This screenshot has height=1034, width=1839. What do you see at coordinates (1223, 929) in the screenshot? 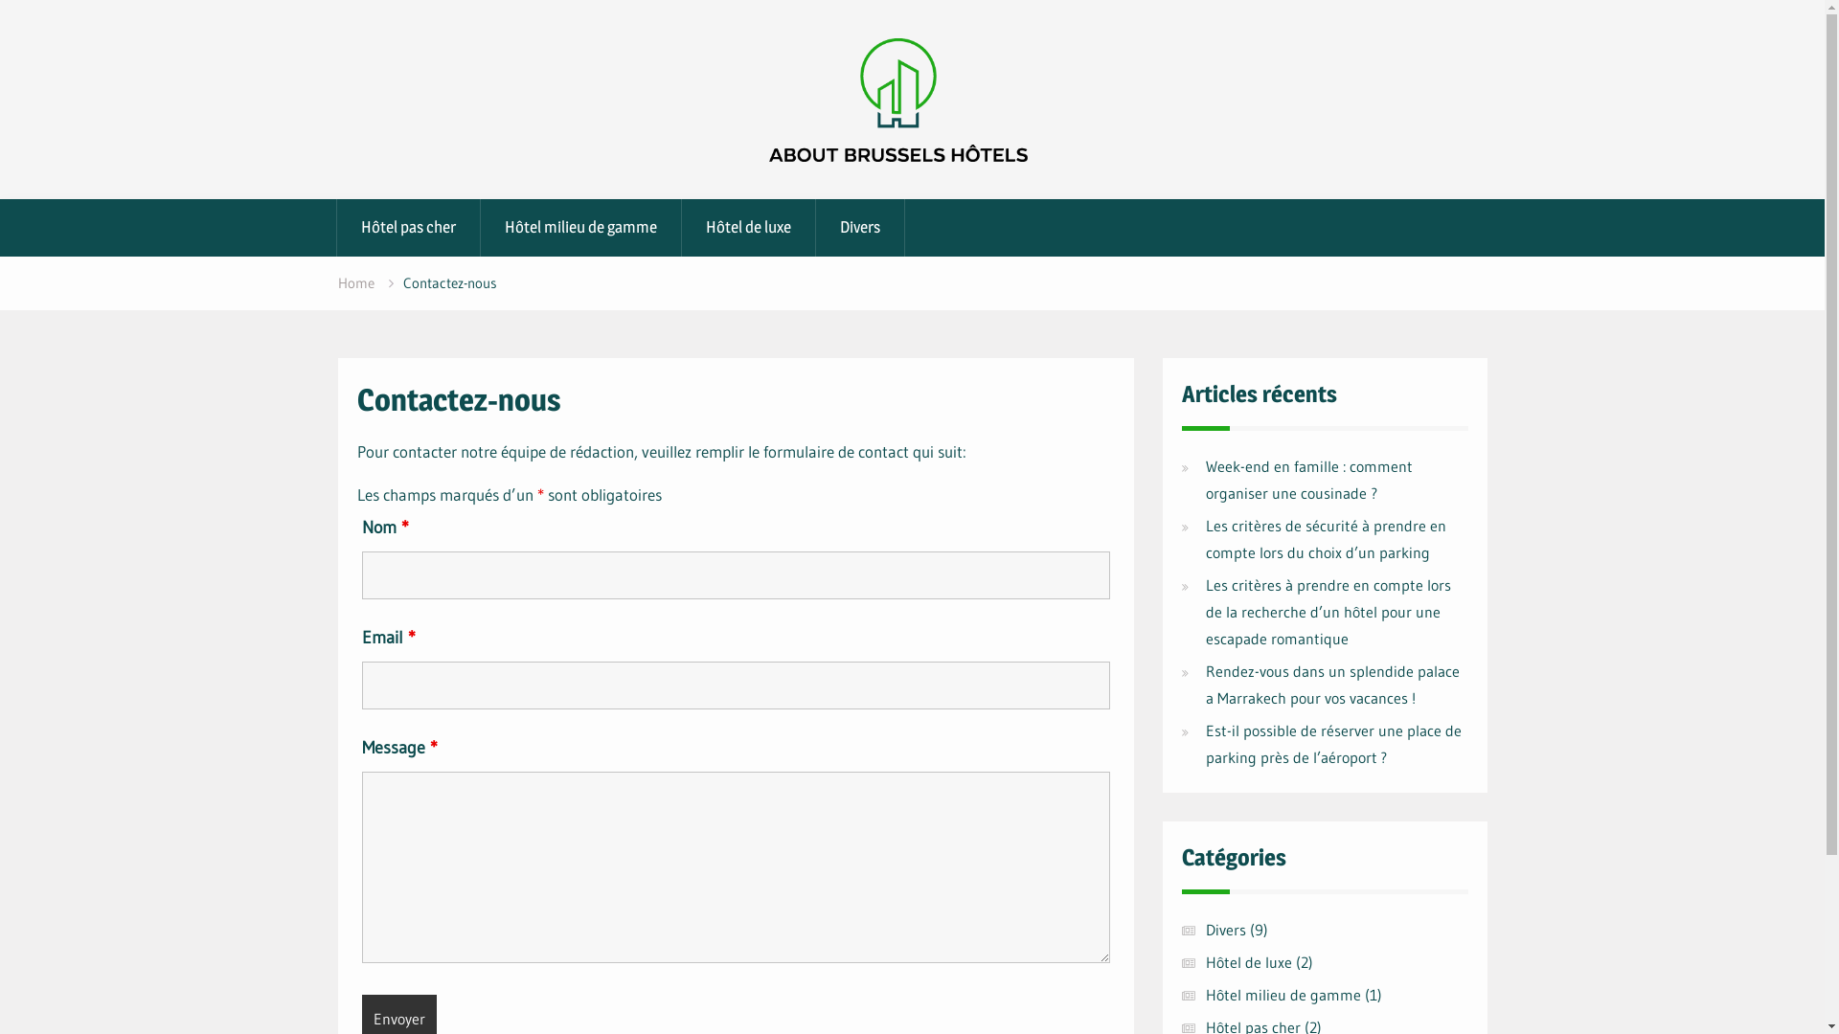
I see `'Divers'` at bounding box center [1223, 929].